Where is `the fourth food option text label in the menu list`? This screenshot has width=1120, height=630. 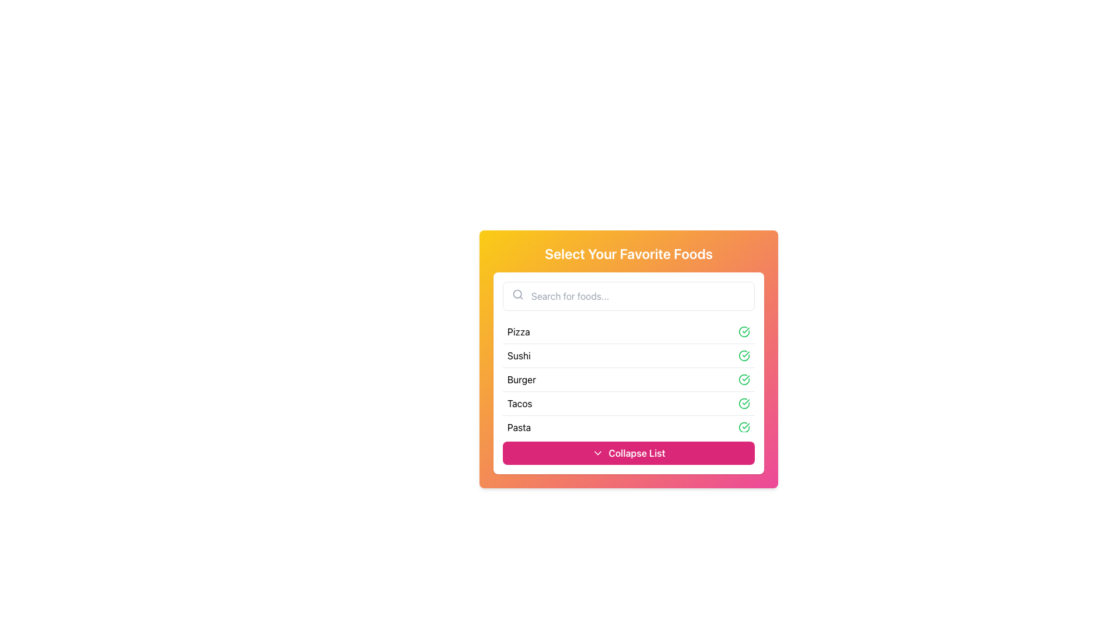 the fourth food option text label in the menu list is located at coordinates (519, 402).